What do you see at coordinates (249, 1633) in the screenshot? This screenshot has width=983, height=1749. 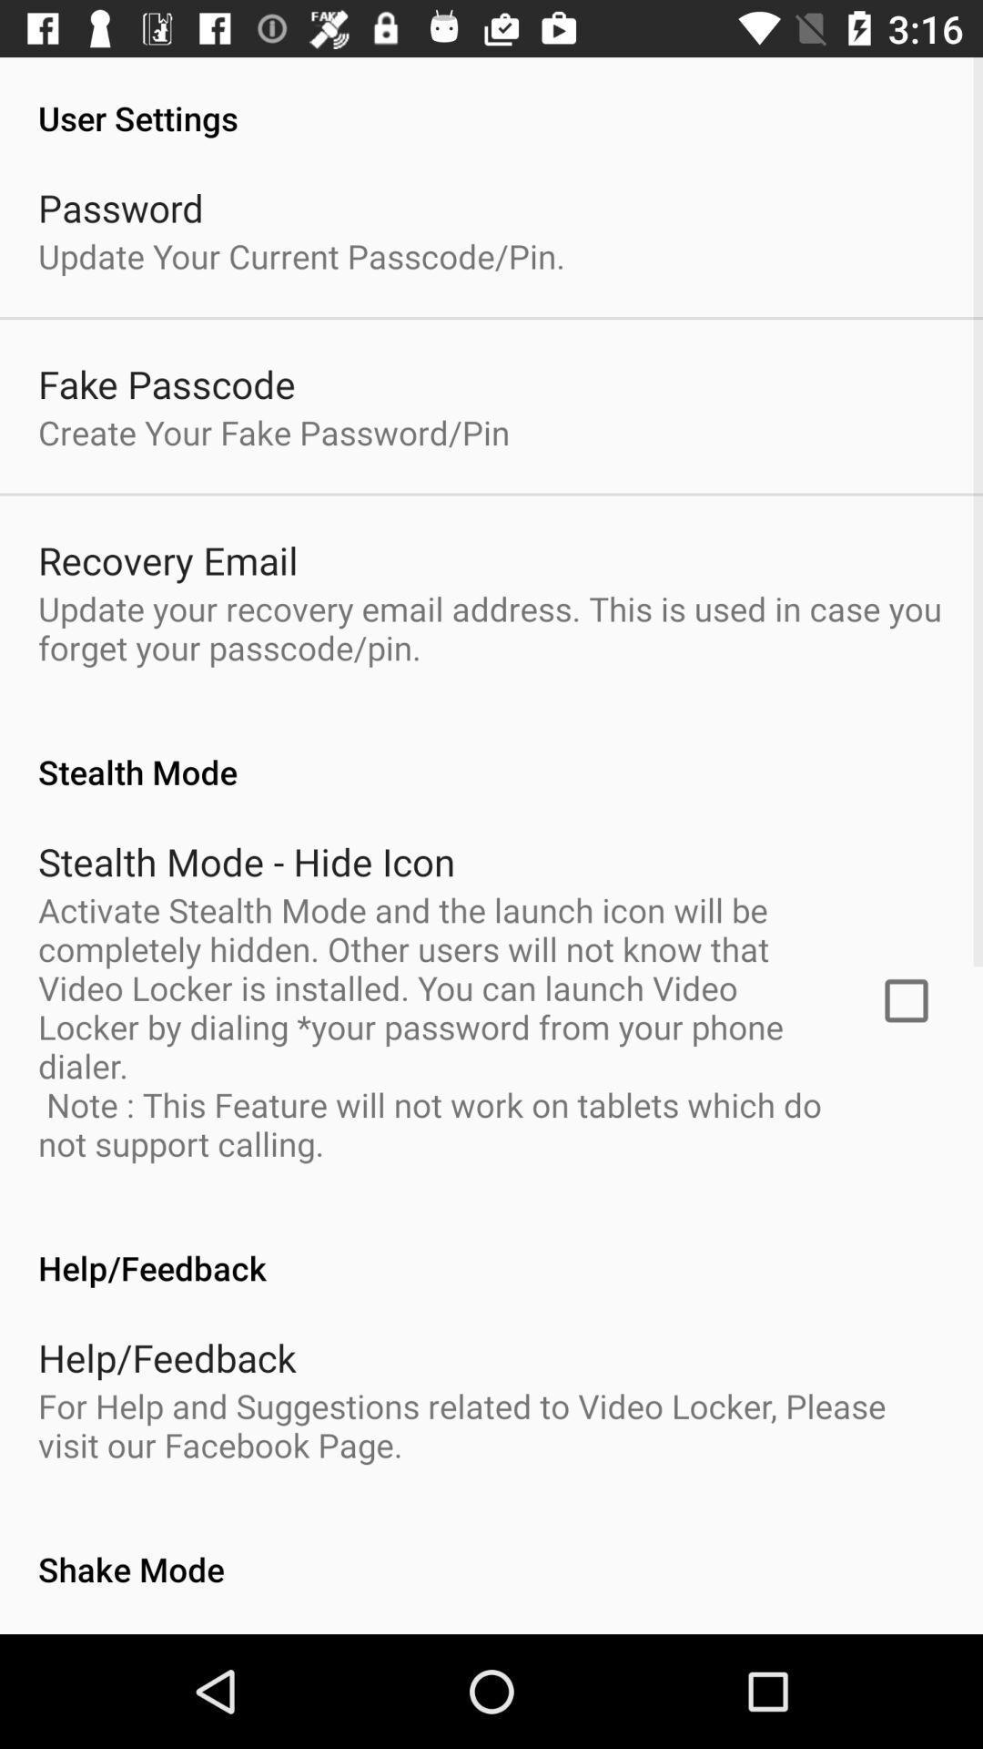 I see `the app below shake mode` at bounding box center [249, 1633].